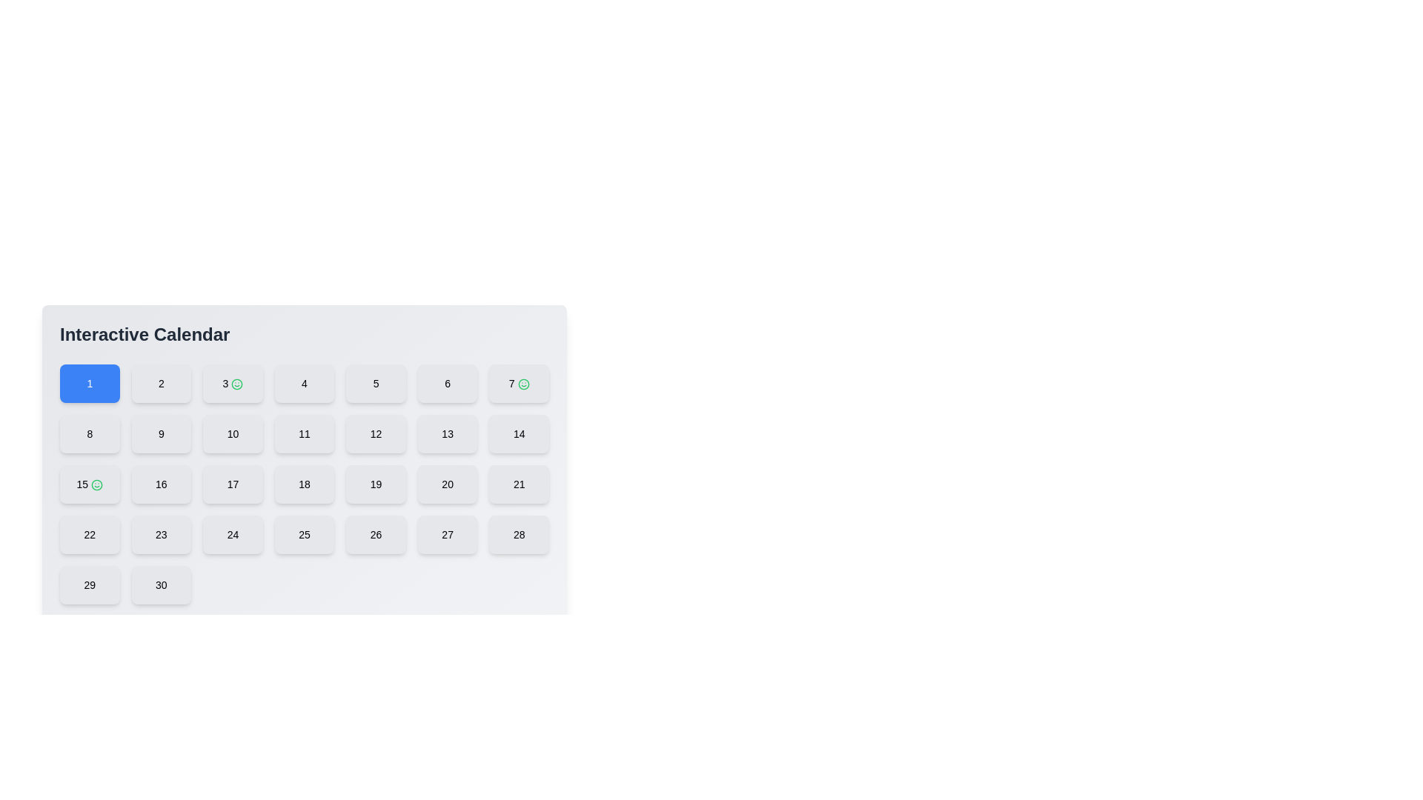 The width and height of the screenshot is (1423, 800). I want to click on the square-shaped button labeled '2' with a gray background, so click(161, 382).